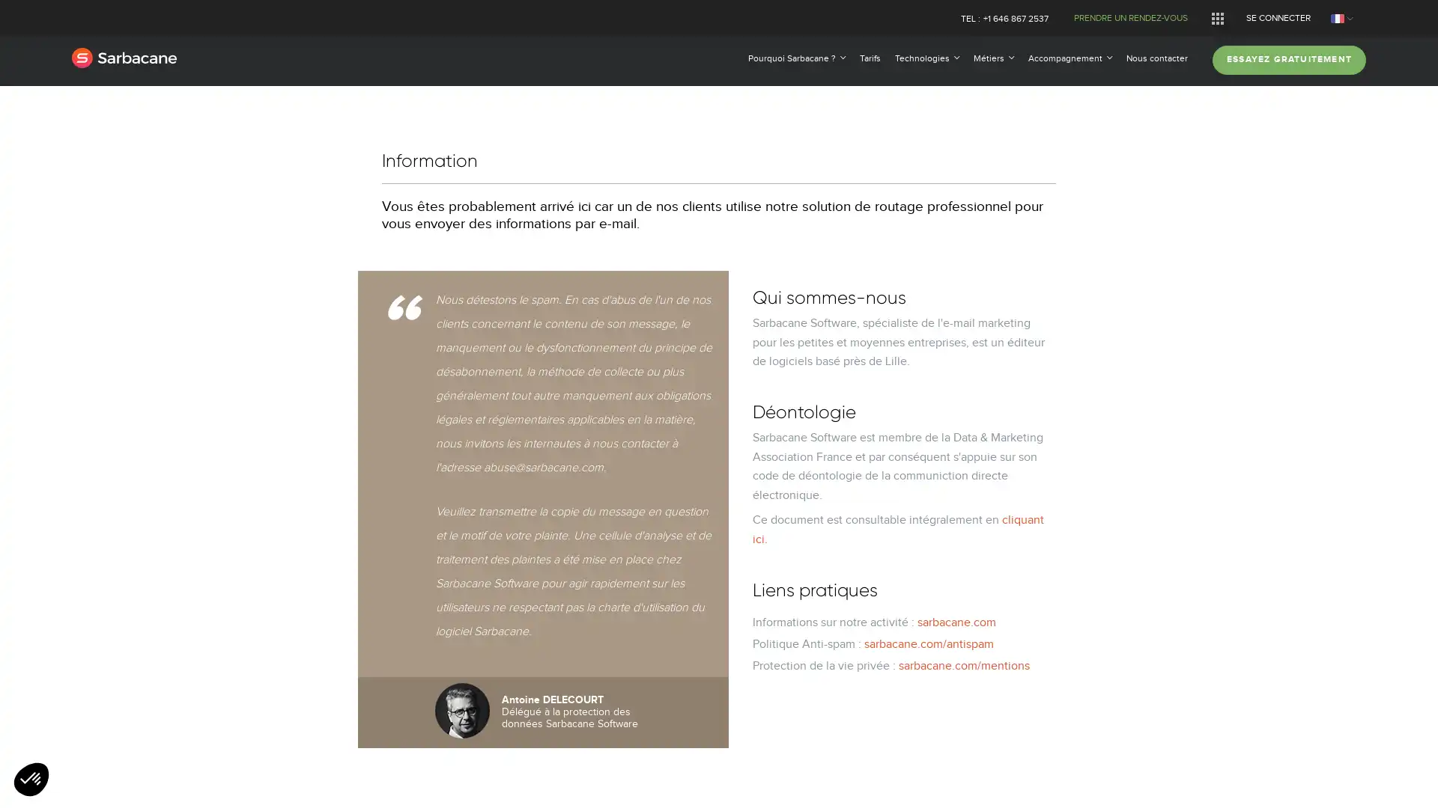 The image size is (1438, 808). What do you see at coordinates (837, 506) in the screenshot?
I see `OK pour moi` at bounding box center [837, 506].